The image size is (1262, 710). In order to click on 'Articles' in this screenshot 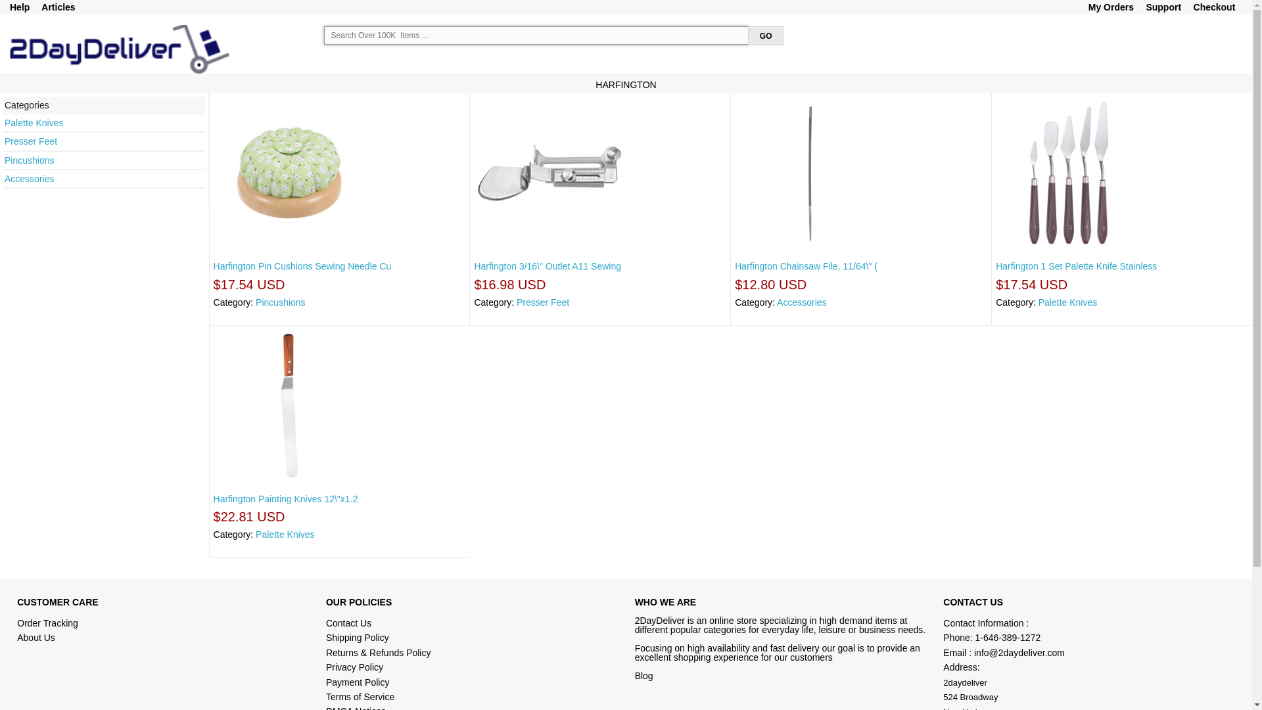, I will do `click(57, 7)`.